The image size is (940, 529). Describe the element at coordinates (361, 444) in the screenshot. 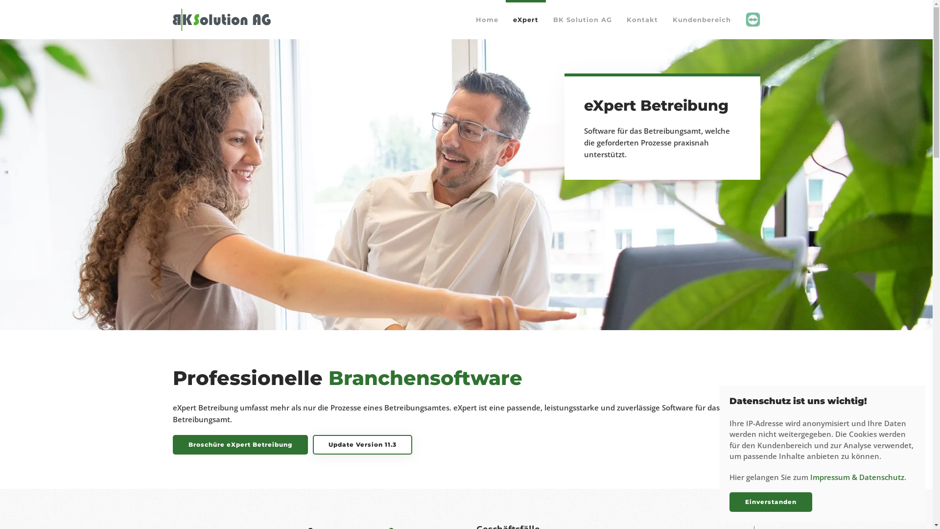

I see `'Update Version 11.3'` at that location.